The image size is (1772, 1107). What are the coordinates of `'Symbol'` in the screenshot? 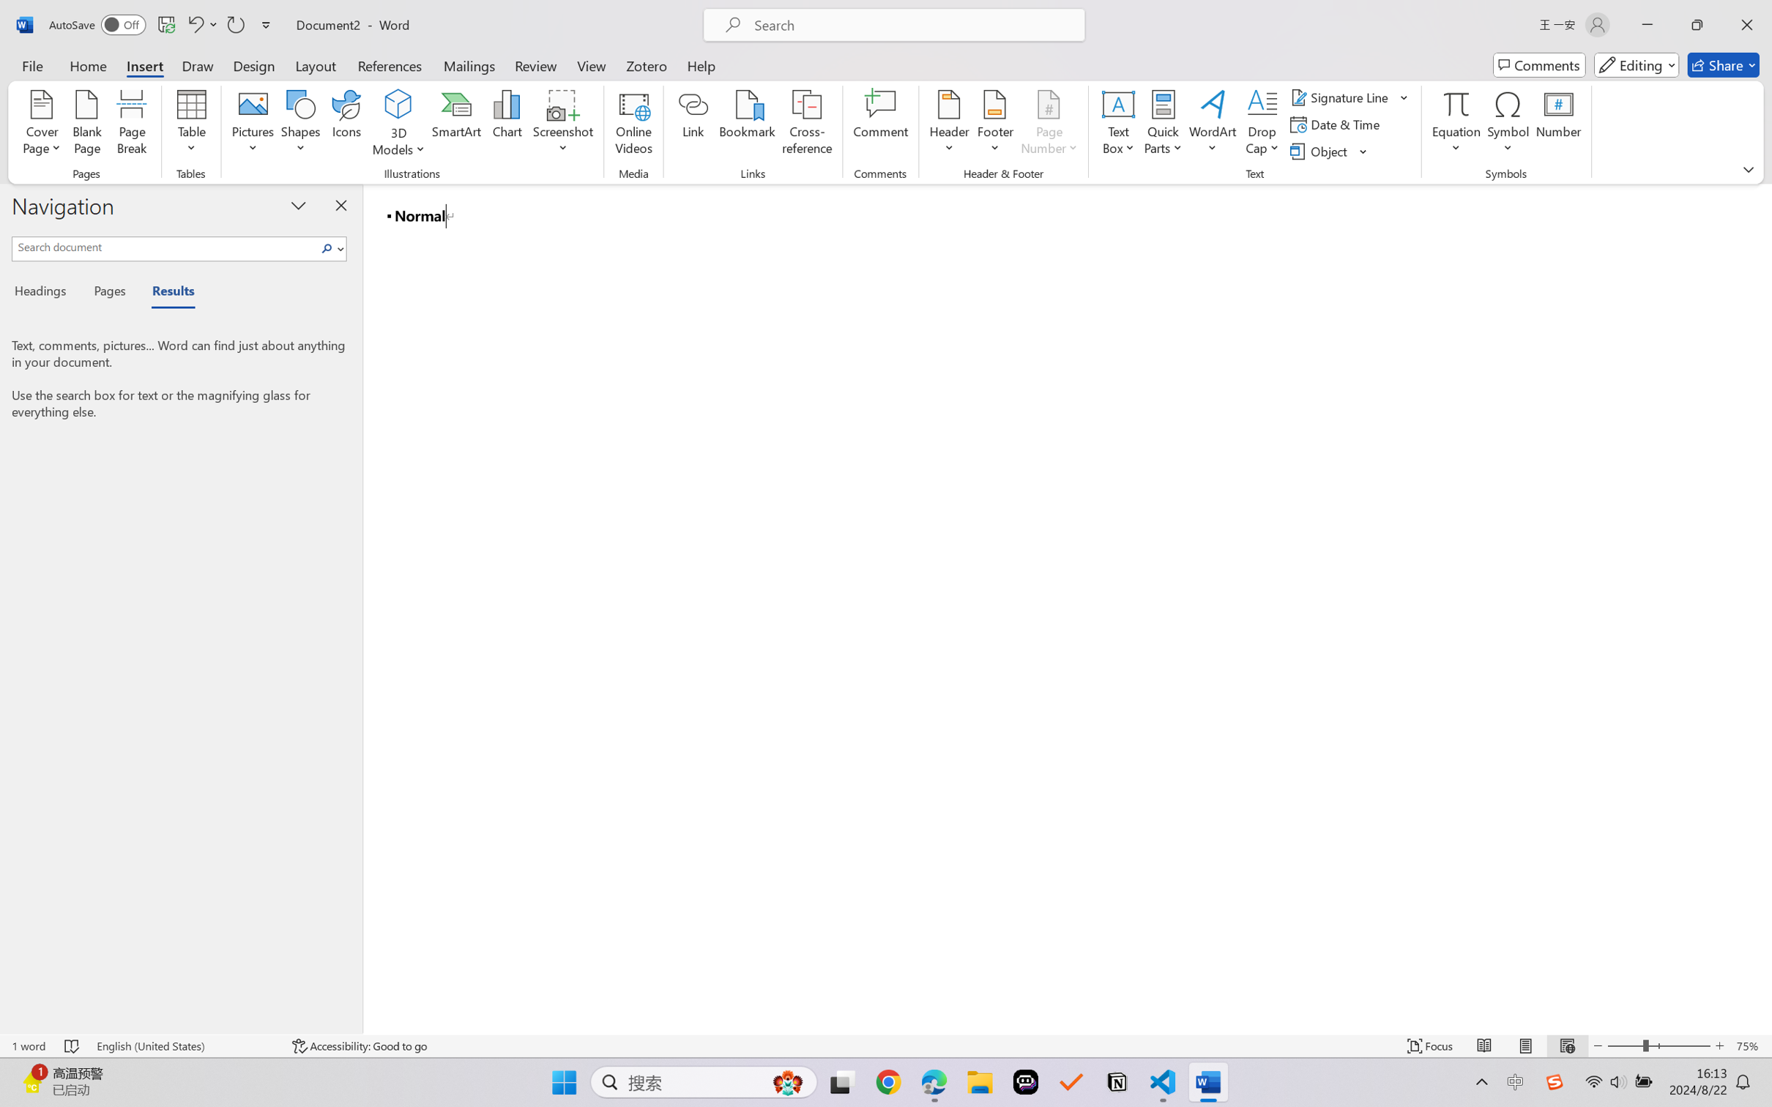 It's located at (1507, 124).